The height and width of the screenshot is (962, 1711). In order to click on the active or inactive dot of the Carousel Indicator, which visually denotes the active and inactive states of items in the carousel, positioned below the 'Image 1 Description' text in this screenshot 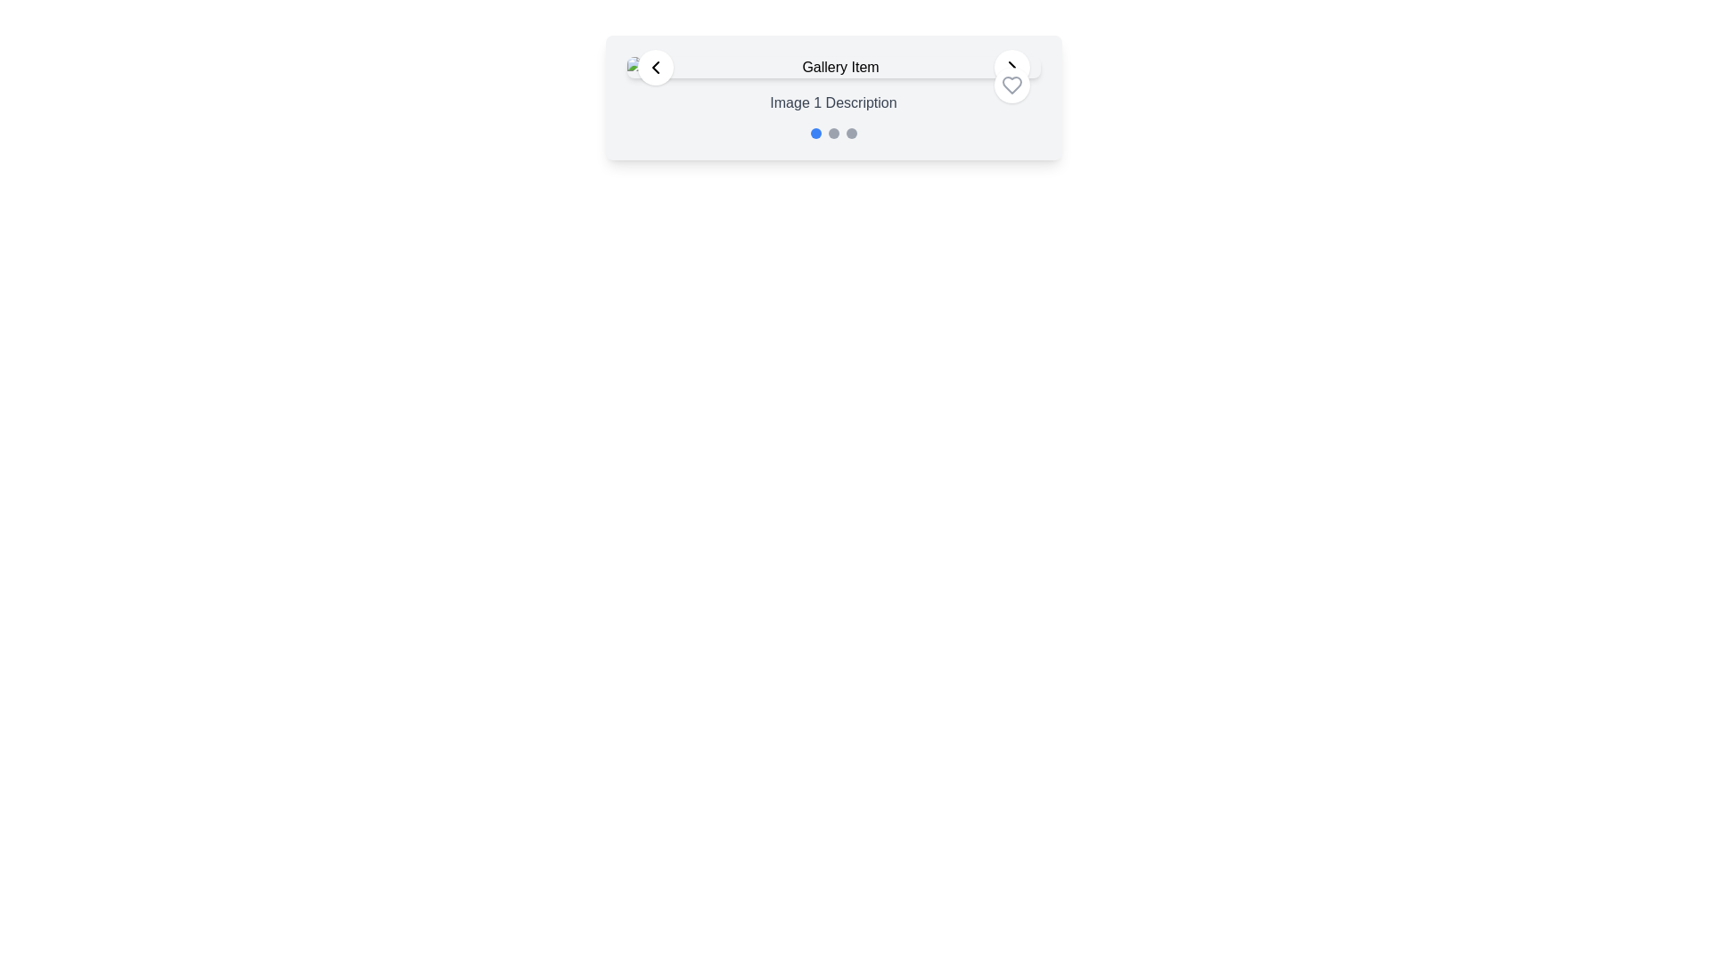, I will do `click(832, 133)`.